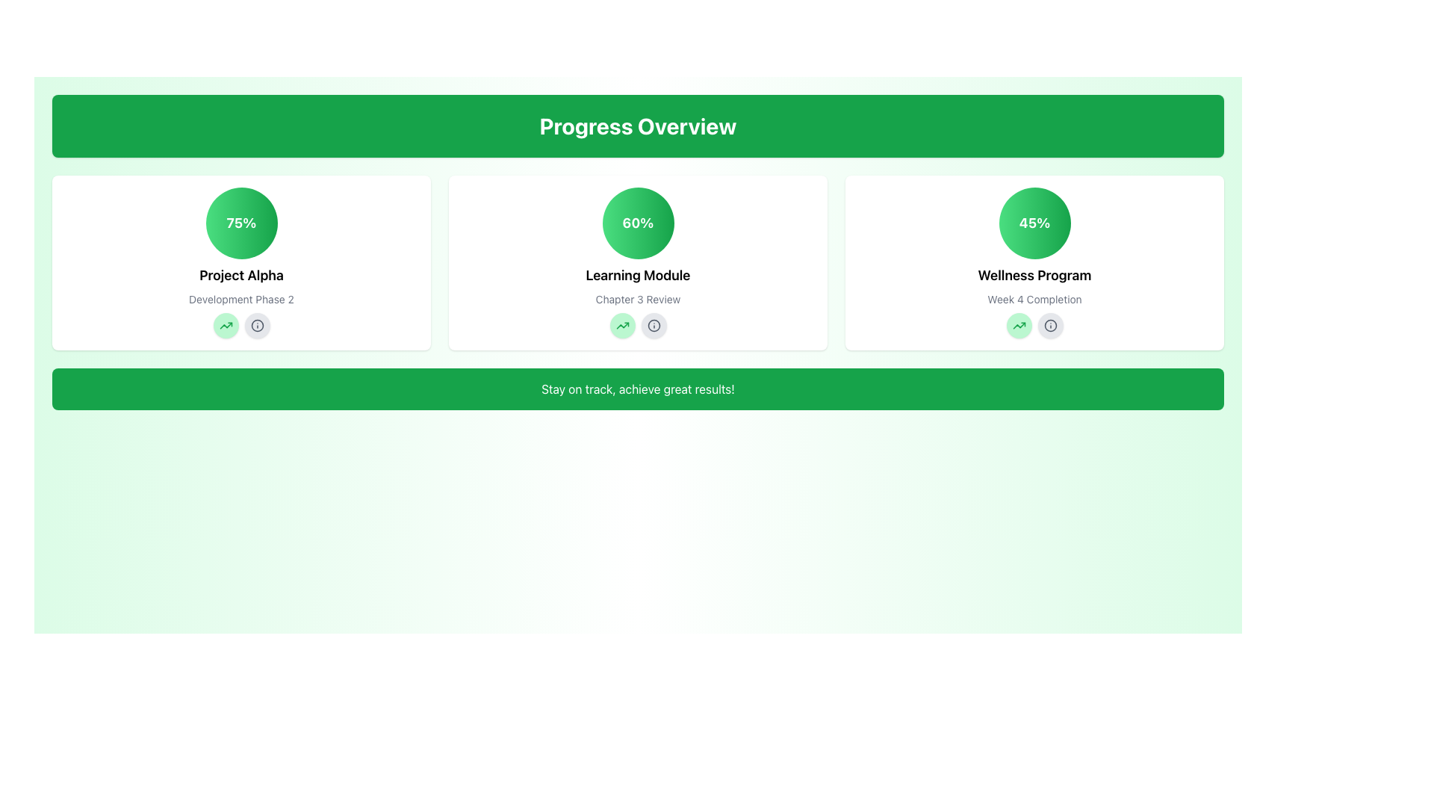 Image resolution: width=1434 pixels, height=807 pixels. What do you see at coordinates (1049, 324) in the screenshot?
I see `the informational button located` at bounding box center [1049, 324].